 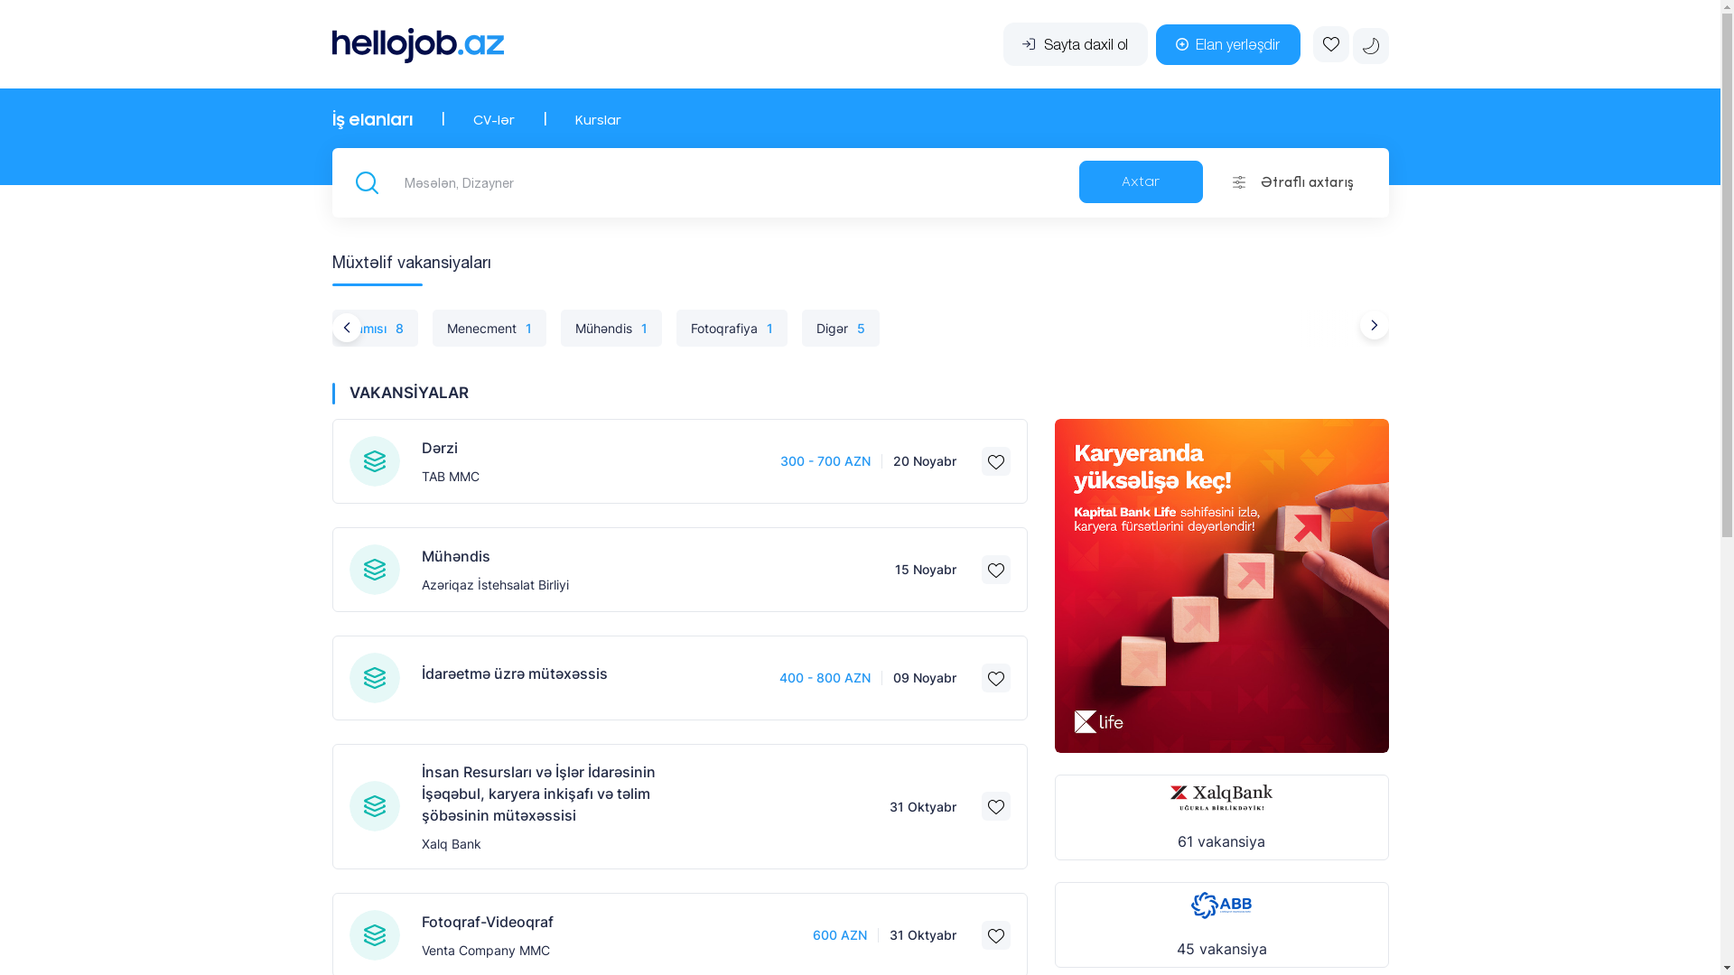 What do you see at coordinates (489, 328) in the screenshot?
I see `'Menecment` at bounding box center [489, 328].